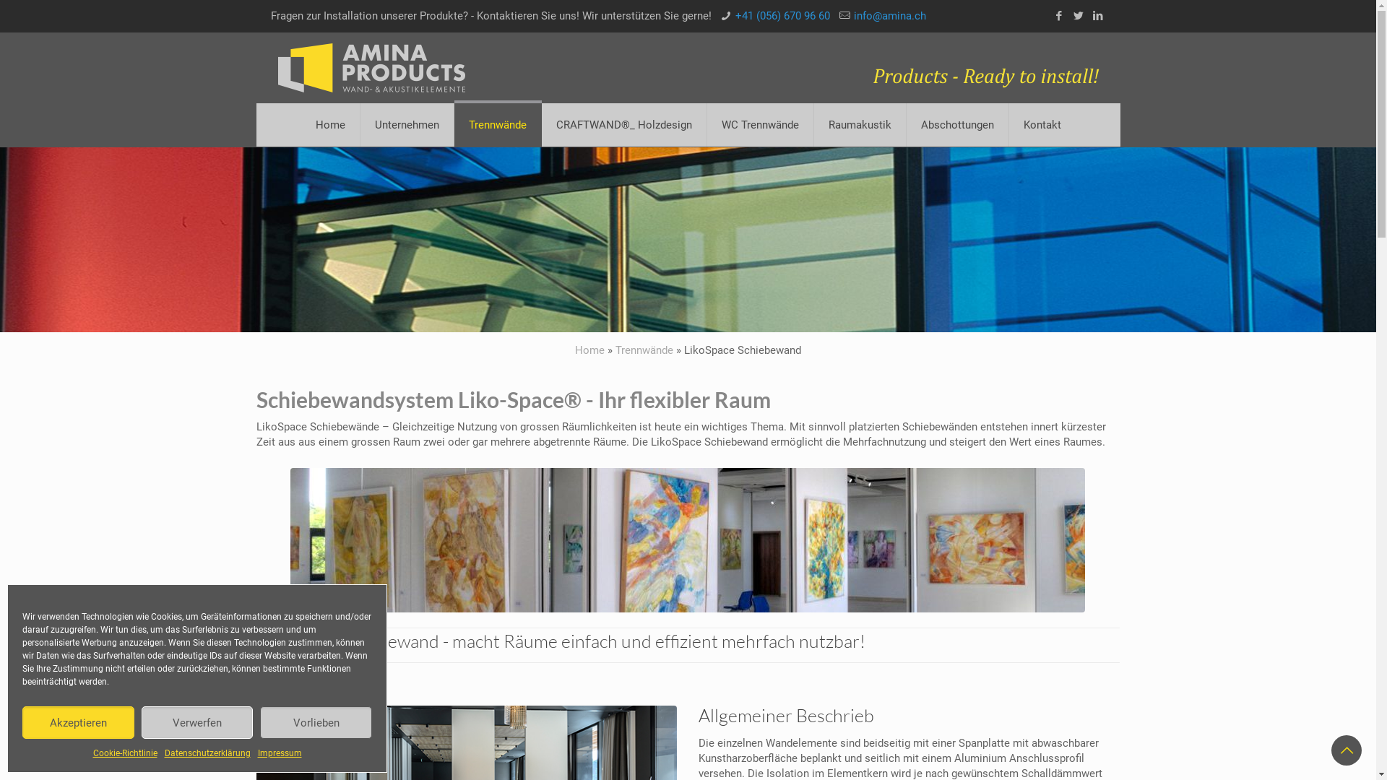 This screenshot has width=1387, height=780. I want to click on 'Facebook', so click(1059, 16).